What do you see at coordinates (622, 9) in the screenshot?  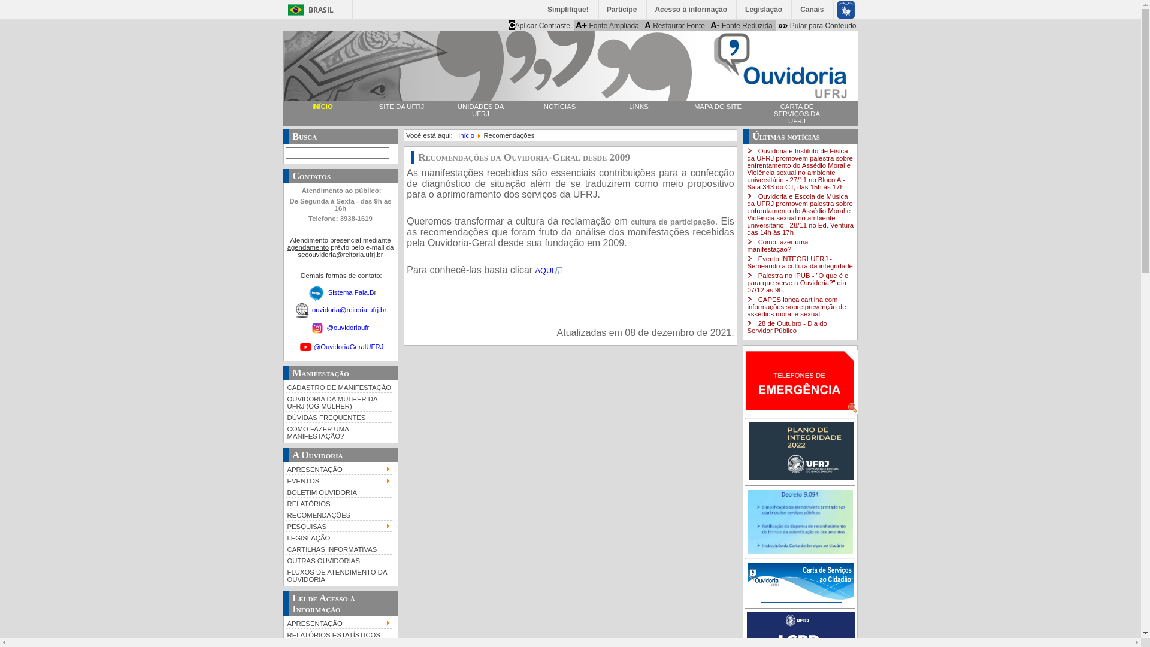 I see `'Participe'` at bounding box center [622, 9].